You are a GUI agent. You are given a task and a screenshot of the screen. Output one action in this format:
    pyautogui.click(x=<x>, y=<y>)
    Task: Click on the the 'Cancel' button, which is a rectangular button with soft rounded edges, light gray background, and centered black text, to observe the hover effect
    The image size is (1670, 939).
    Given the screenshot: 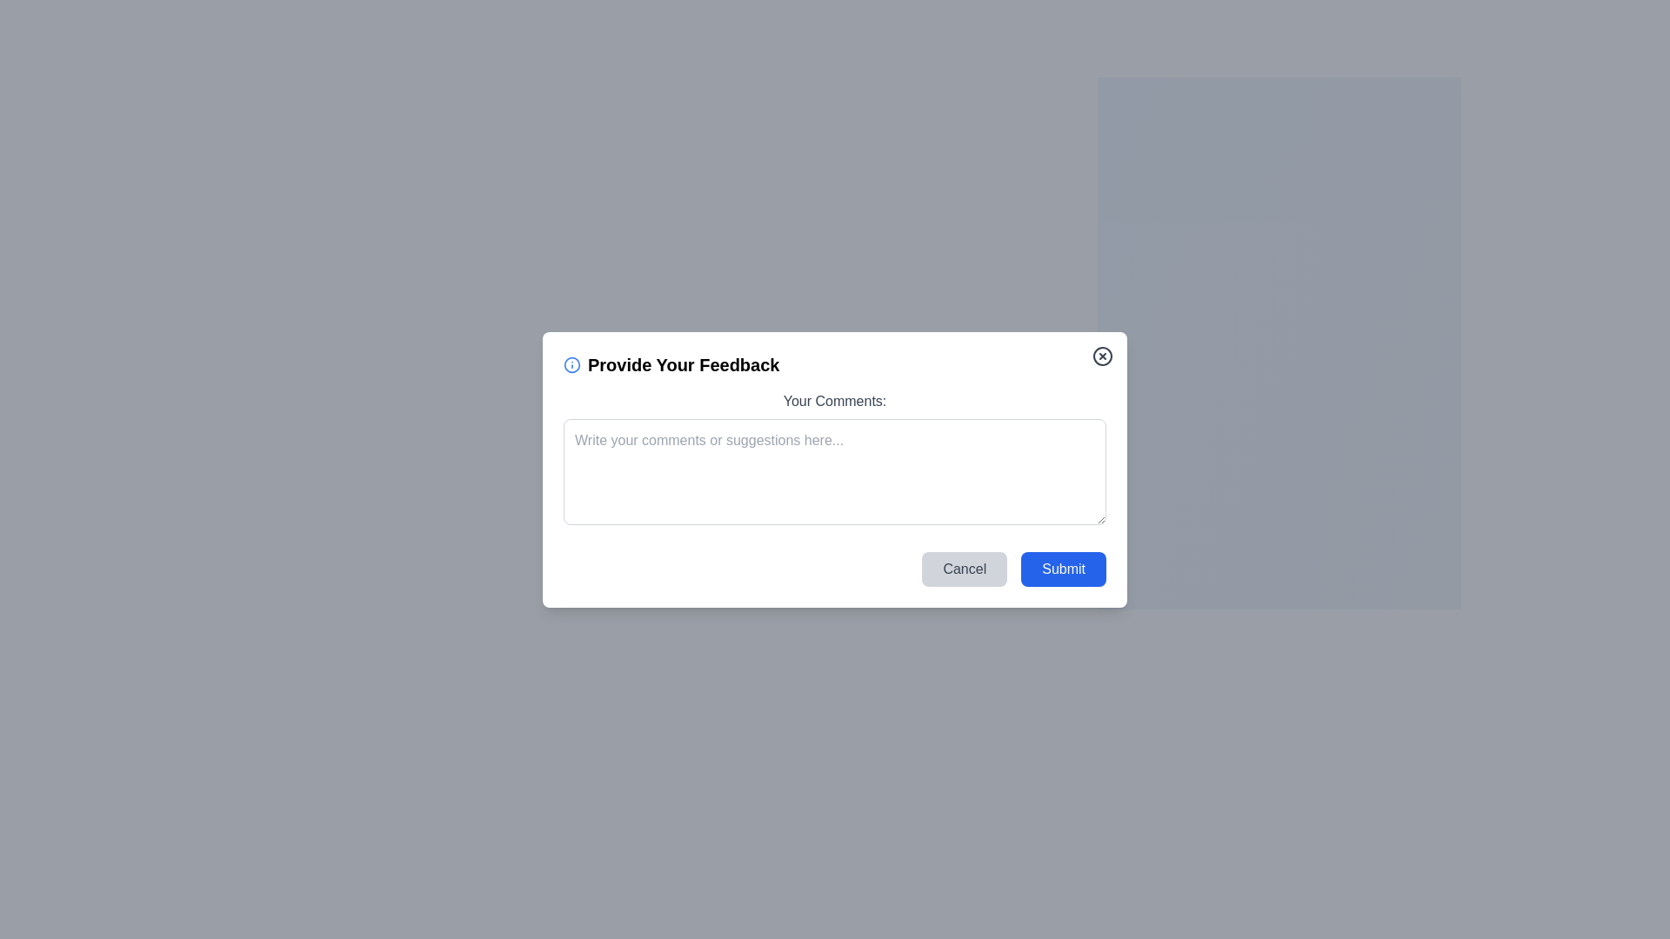 What is the action you would take?
    pyautogui.click(x=964, y=569)
    